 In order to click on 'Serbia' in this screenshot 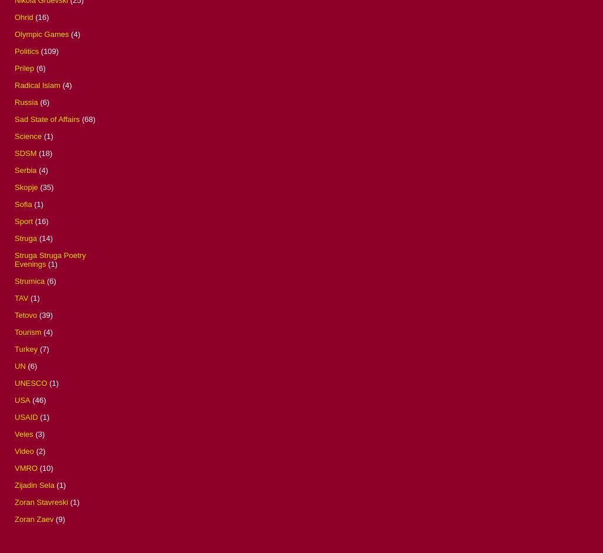, I will do `click(25, 169)`.